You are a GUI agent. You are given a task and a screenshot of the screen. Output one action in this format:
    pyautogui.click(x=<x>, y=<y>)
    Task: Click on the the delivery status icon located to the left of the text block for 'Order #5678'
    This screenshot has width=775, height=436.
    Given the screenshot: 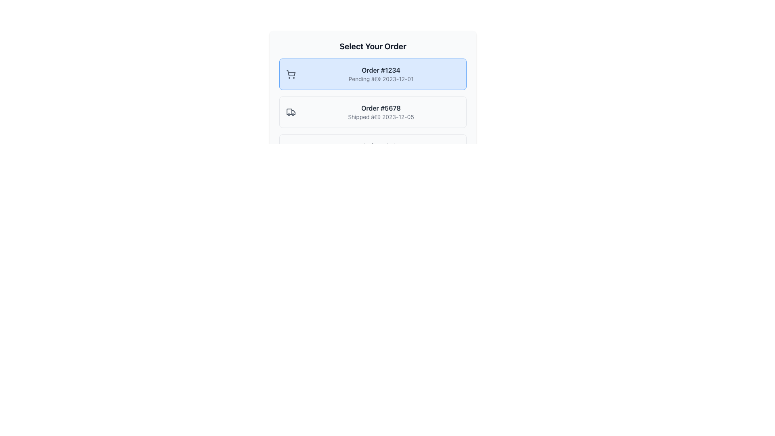 What is the action you would take?
    pyautogui.click(x=291, y=112)
    